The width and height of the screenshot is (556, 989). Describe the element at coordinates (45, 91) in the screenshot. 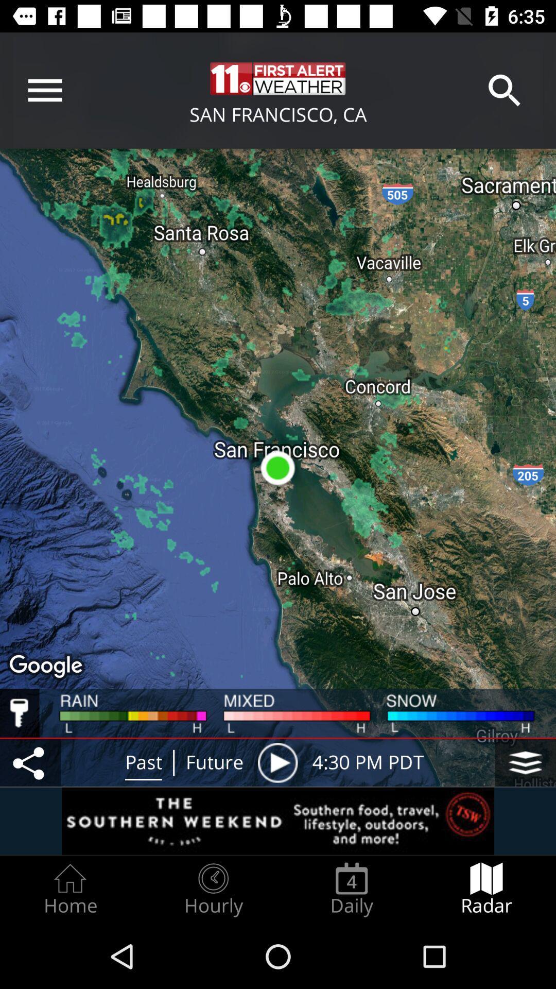

I see `the menu bar icon which is in the left topmost side` at that location.